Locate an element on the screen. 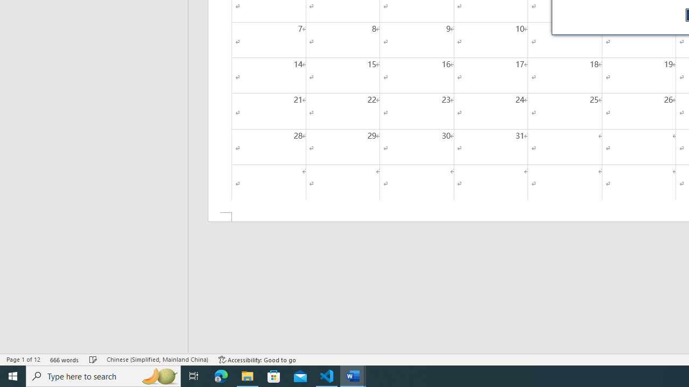 This screenshot has width=689, height=387. 'Microsoft Store' is located at coordinates (274, 375).